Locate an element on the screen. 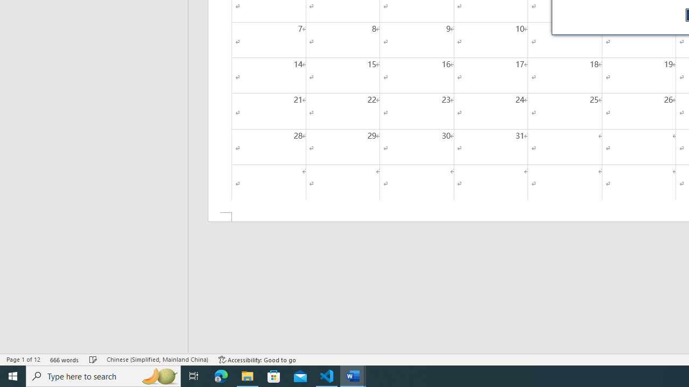 This screenshot has width=689, height=387. 'Microsoft Store' is located at coordinates (274, 375).